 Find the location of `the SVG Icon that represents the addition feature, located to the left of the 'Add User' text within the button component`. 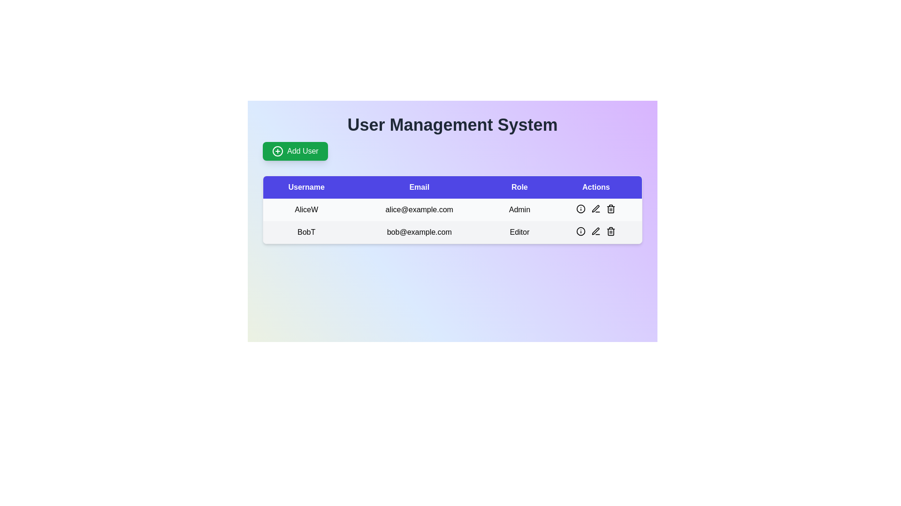

the SVG Icon that represents the addition feature, located to the left of the 'Add User' text within the button component is located at coordinates (277, 151).